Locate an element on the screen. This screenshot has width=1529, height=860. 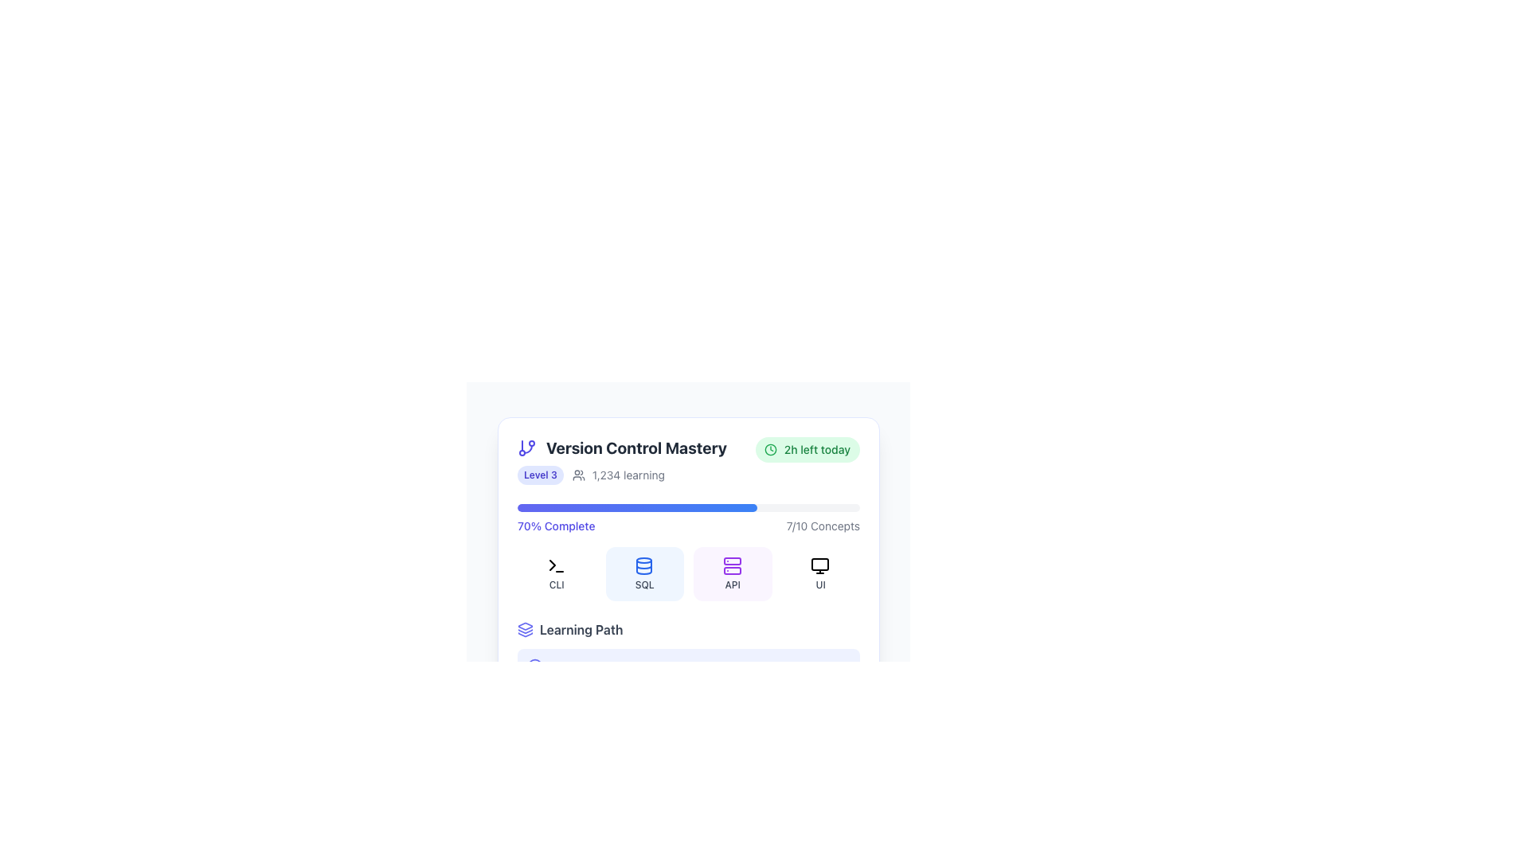
the informational label or badge that displays the user's current level and number of learners engaged, located below the 'Version Control Mastery' heading is located at coordinates (621, 475).